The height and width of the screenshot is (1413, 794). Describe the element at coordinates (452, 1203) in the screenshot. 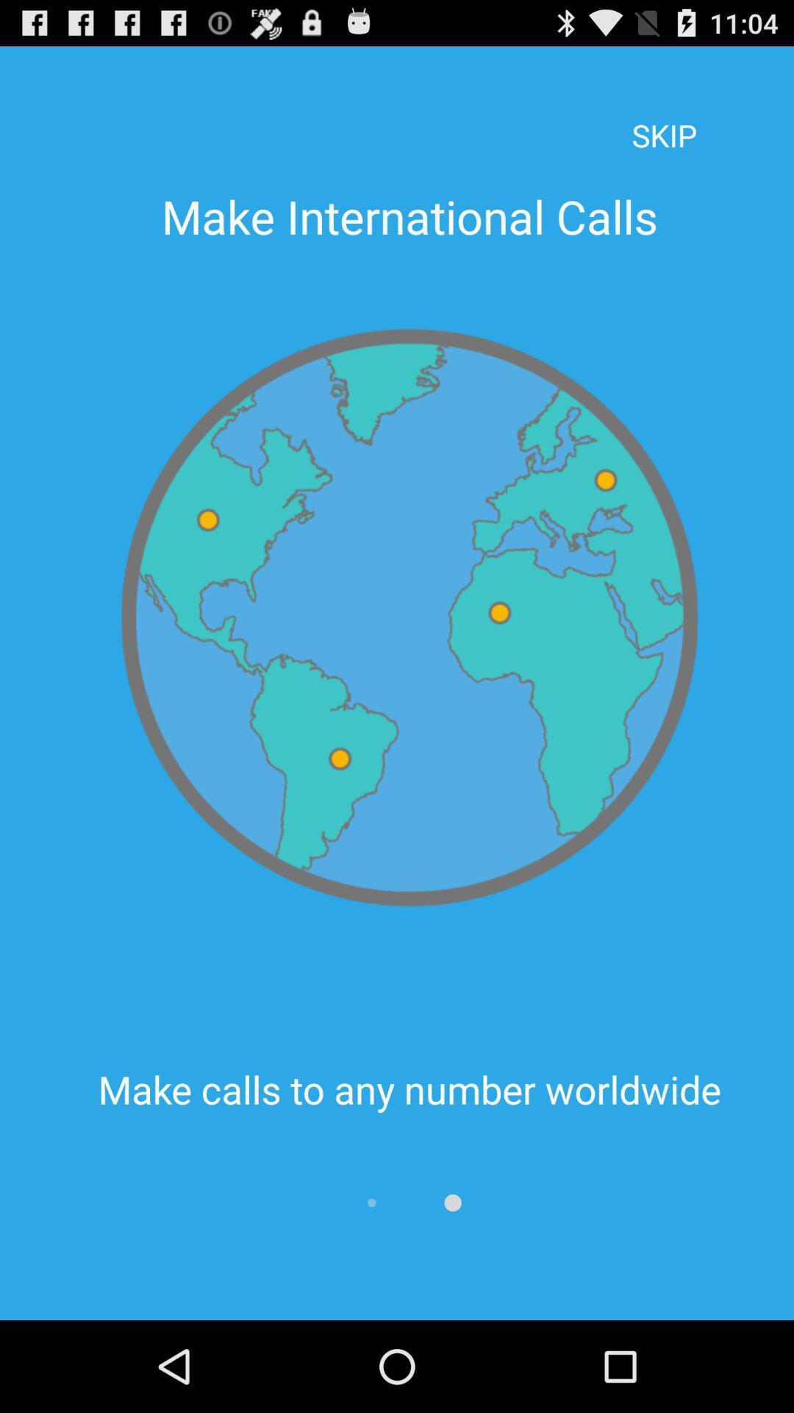

I see `to a page` at that location.